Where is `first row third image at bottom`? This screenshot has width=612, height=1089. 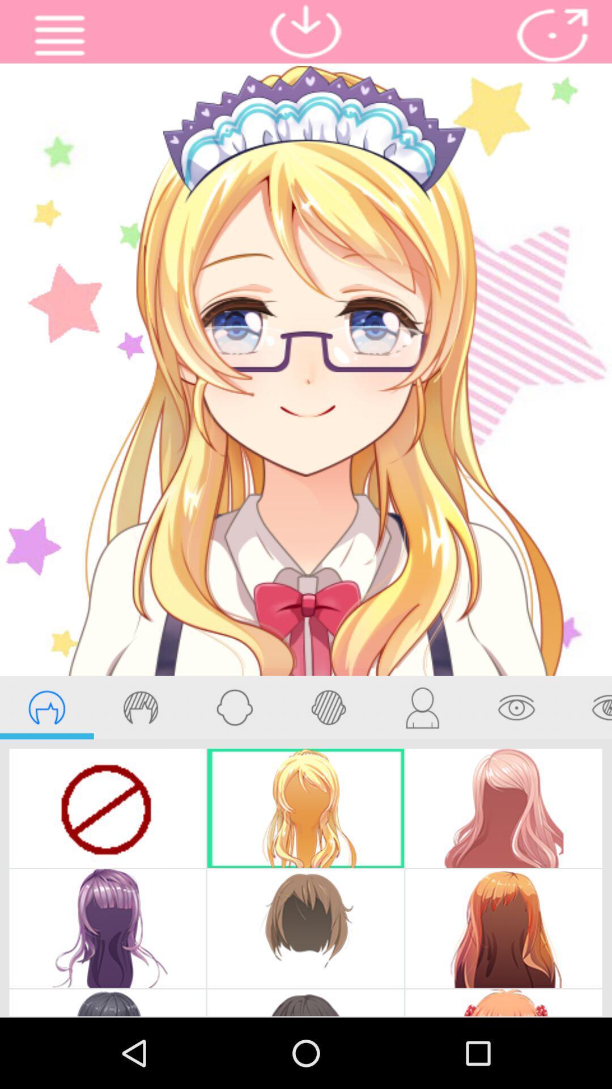
first row third image at bottom is located at coordinates (503, 808).